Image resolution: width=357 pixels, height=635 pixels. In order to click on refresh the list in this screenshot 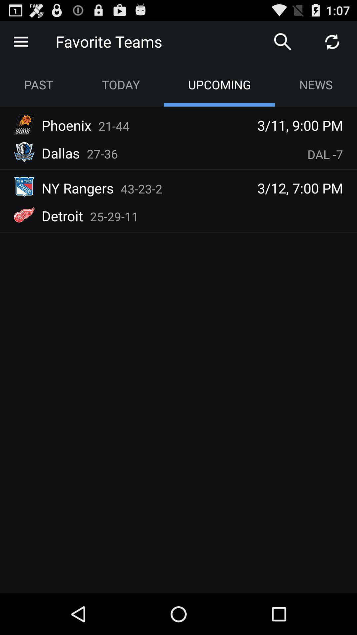, I will do `click(332, 41)`.